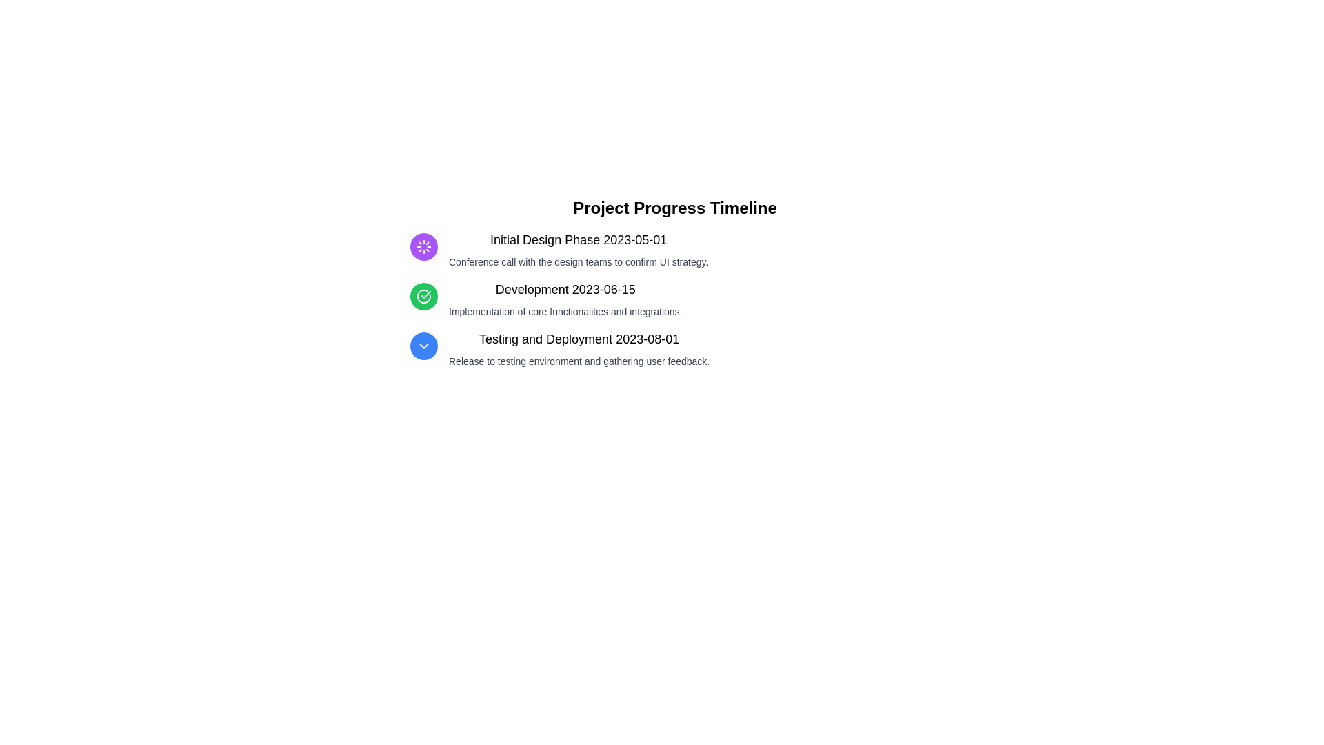 The width and height of the screenshot is (1324, 745). What do you see at coordinates (579, 250) in the screenshot?
I see `the text block element titled 'Initial Design Phase 2023-05-01' which includes a subtitle about the design teams' conference call, located in the Project Progress Timeline` at bounding box center [579, 250].